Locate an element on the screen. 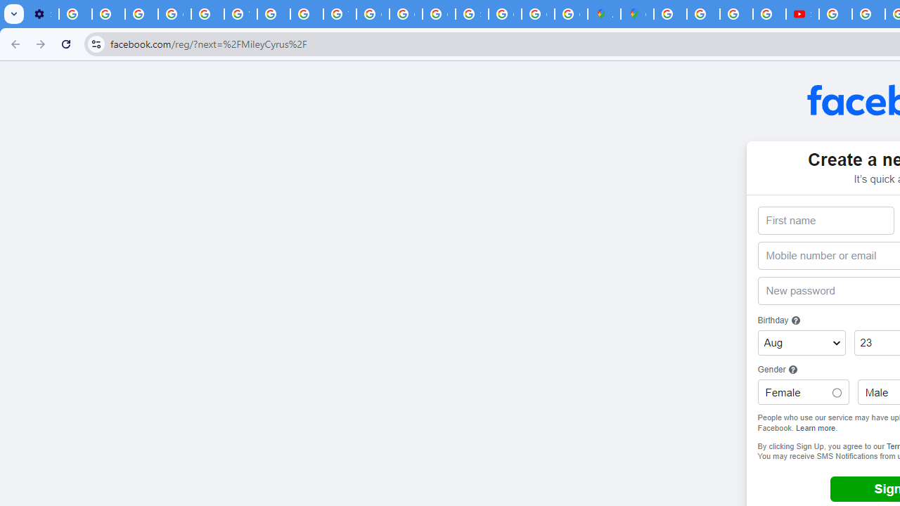 This screenshot has height=506, width=900. 'Back' is located at coordinates (13, 43).